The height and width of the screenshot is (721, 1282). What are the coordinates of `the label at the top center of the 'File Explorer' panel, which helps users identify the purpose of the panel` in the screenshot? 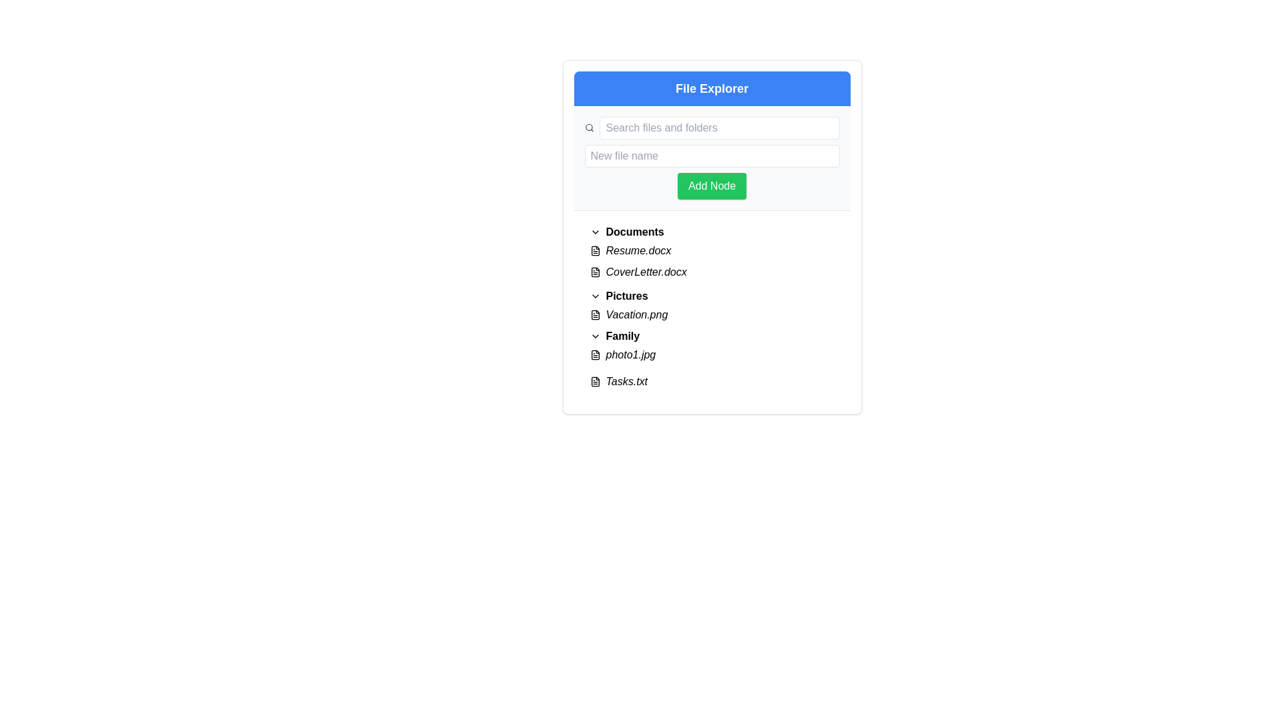 It's located at (711, 88).